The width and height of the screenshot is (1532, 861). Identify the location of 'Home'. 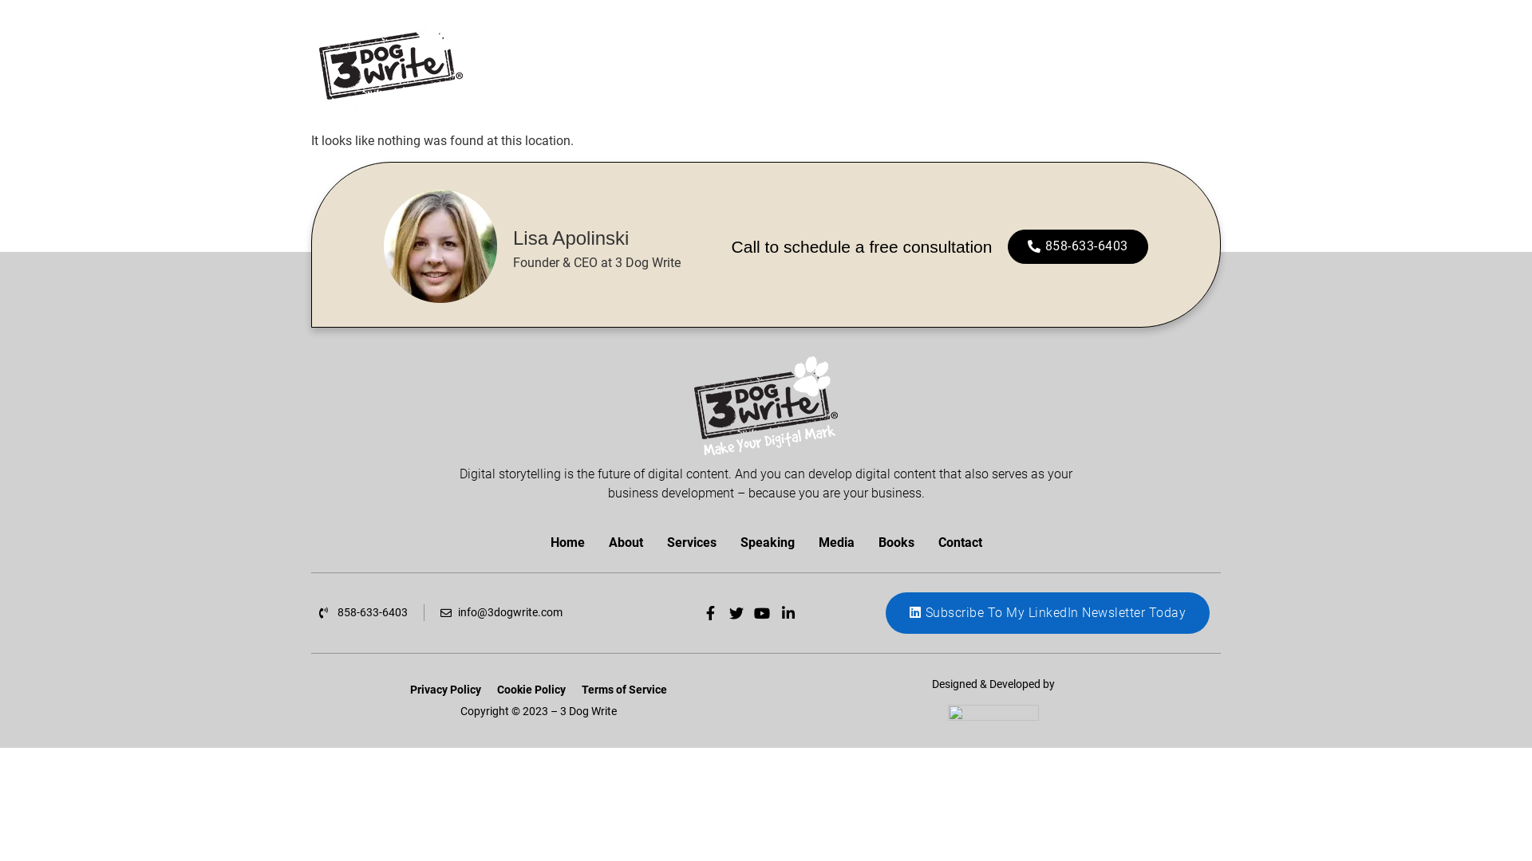
(567, 542).